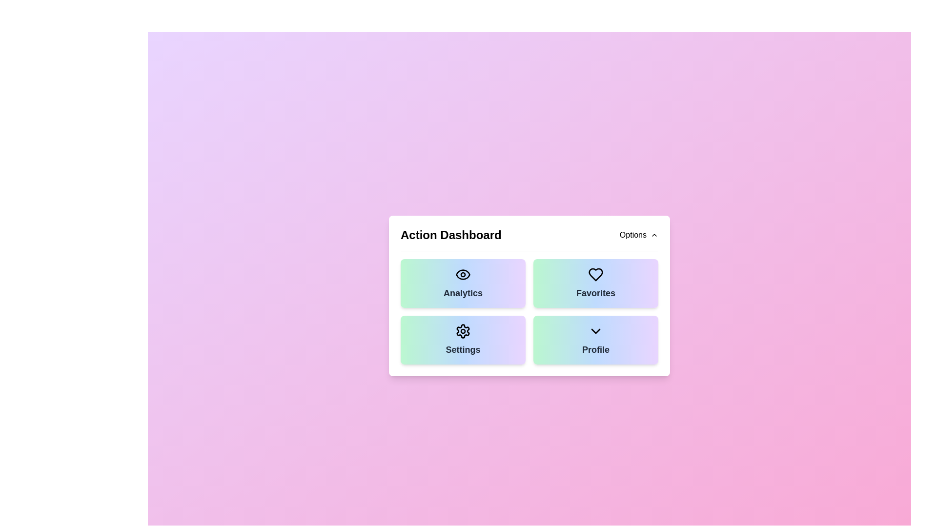 The width and height of the screenshot is (937, 527). I want to click on text of the 'Favorites' label, which is displayed in a bold, medium-large font on a gradient background within the second card of the top row in the dashboard grid, so click(595, 292).